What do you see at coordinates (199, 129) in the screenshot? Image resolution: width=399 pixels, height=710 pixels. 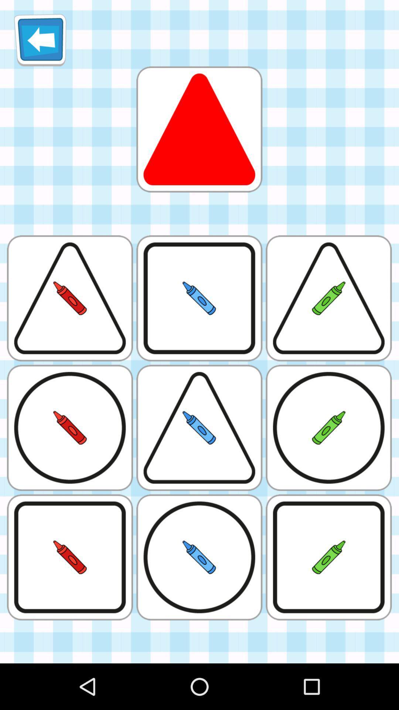 I see `triangle` at bounding box center [199, 129].